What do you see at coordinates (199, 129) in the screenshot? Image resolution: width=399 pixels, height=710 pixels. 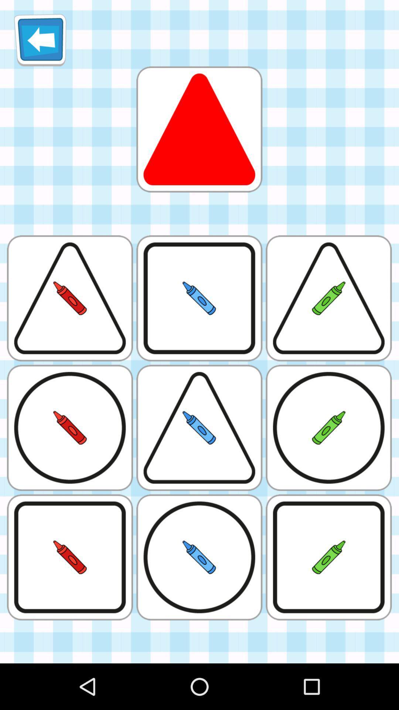 I see `triangle` at bounding box center [199, 129].